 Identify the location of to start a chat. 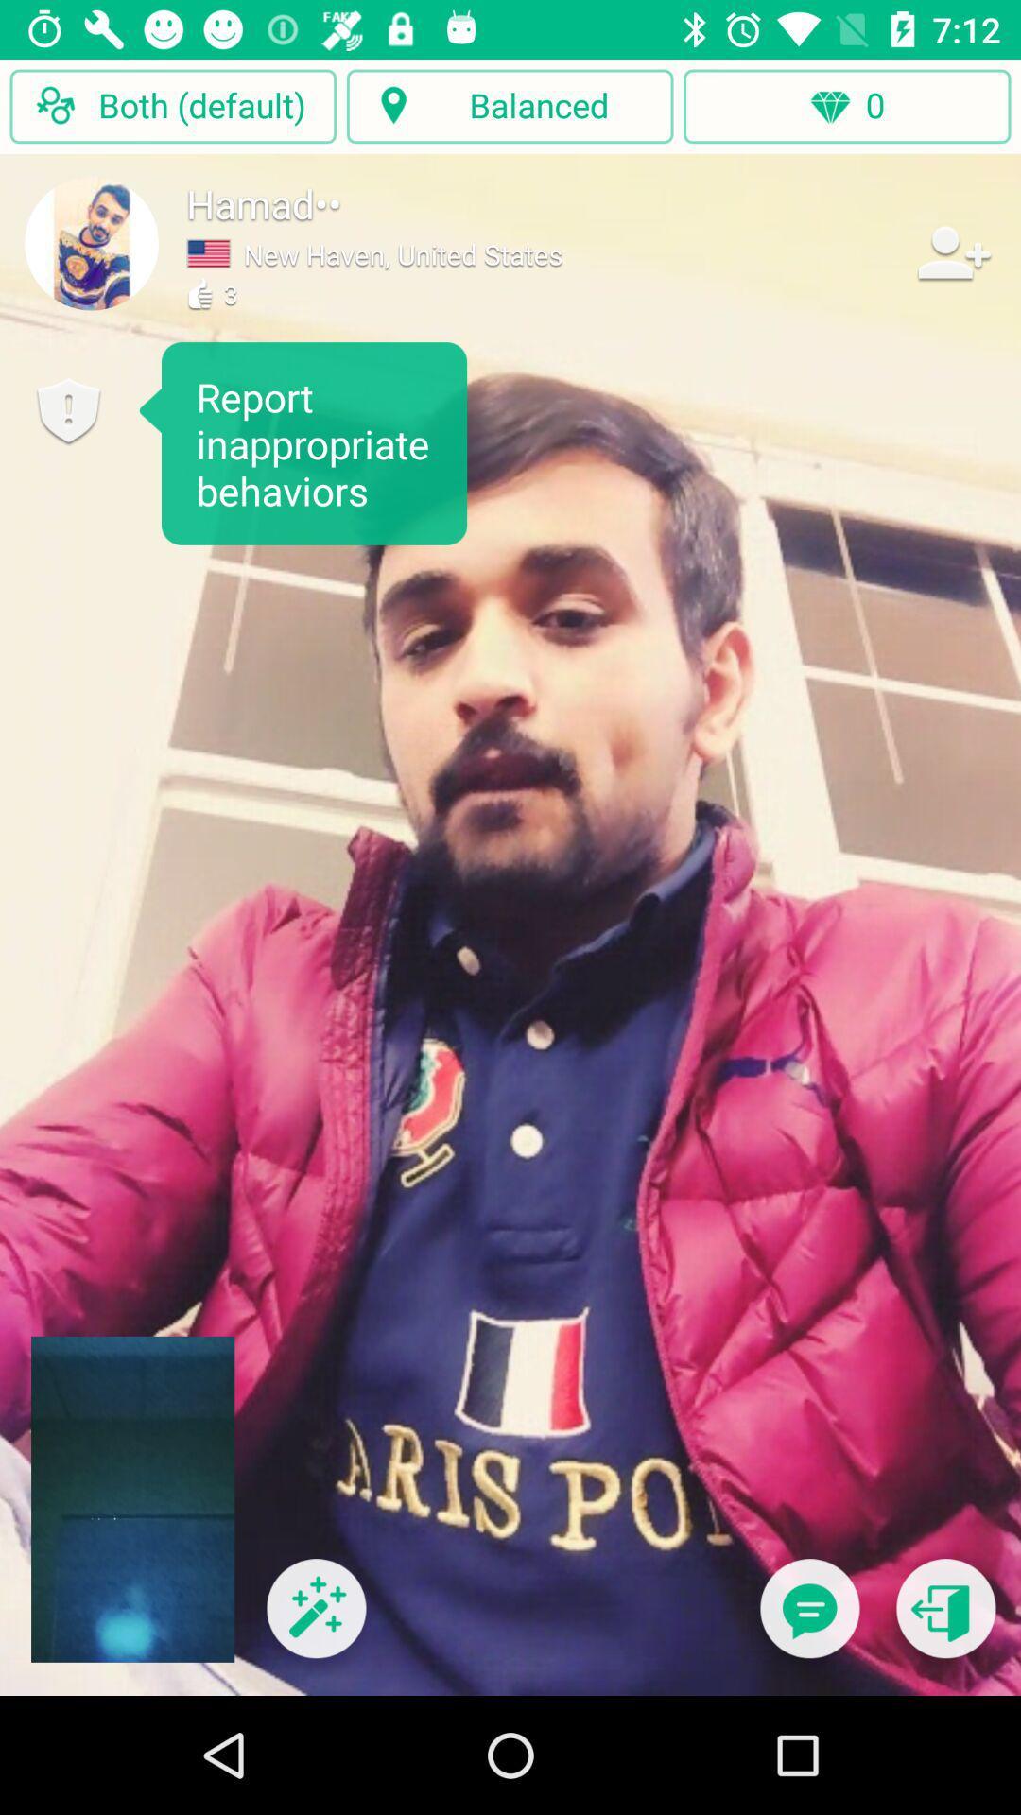
(808, 1619).